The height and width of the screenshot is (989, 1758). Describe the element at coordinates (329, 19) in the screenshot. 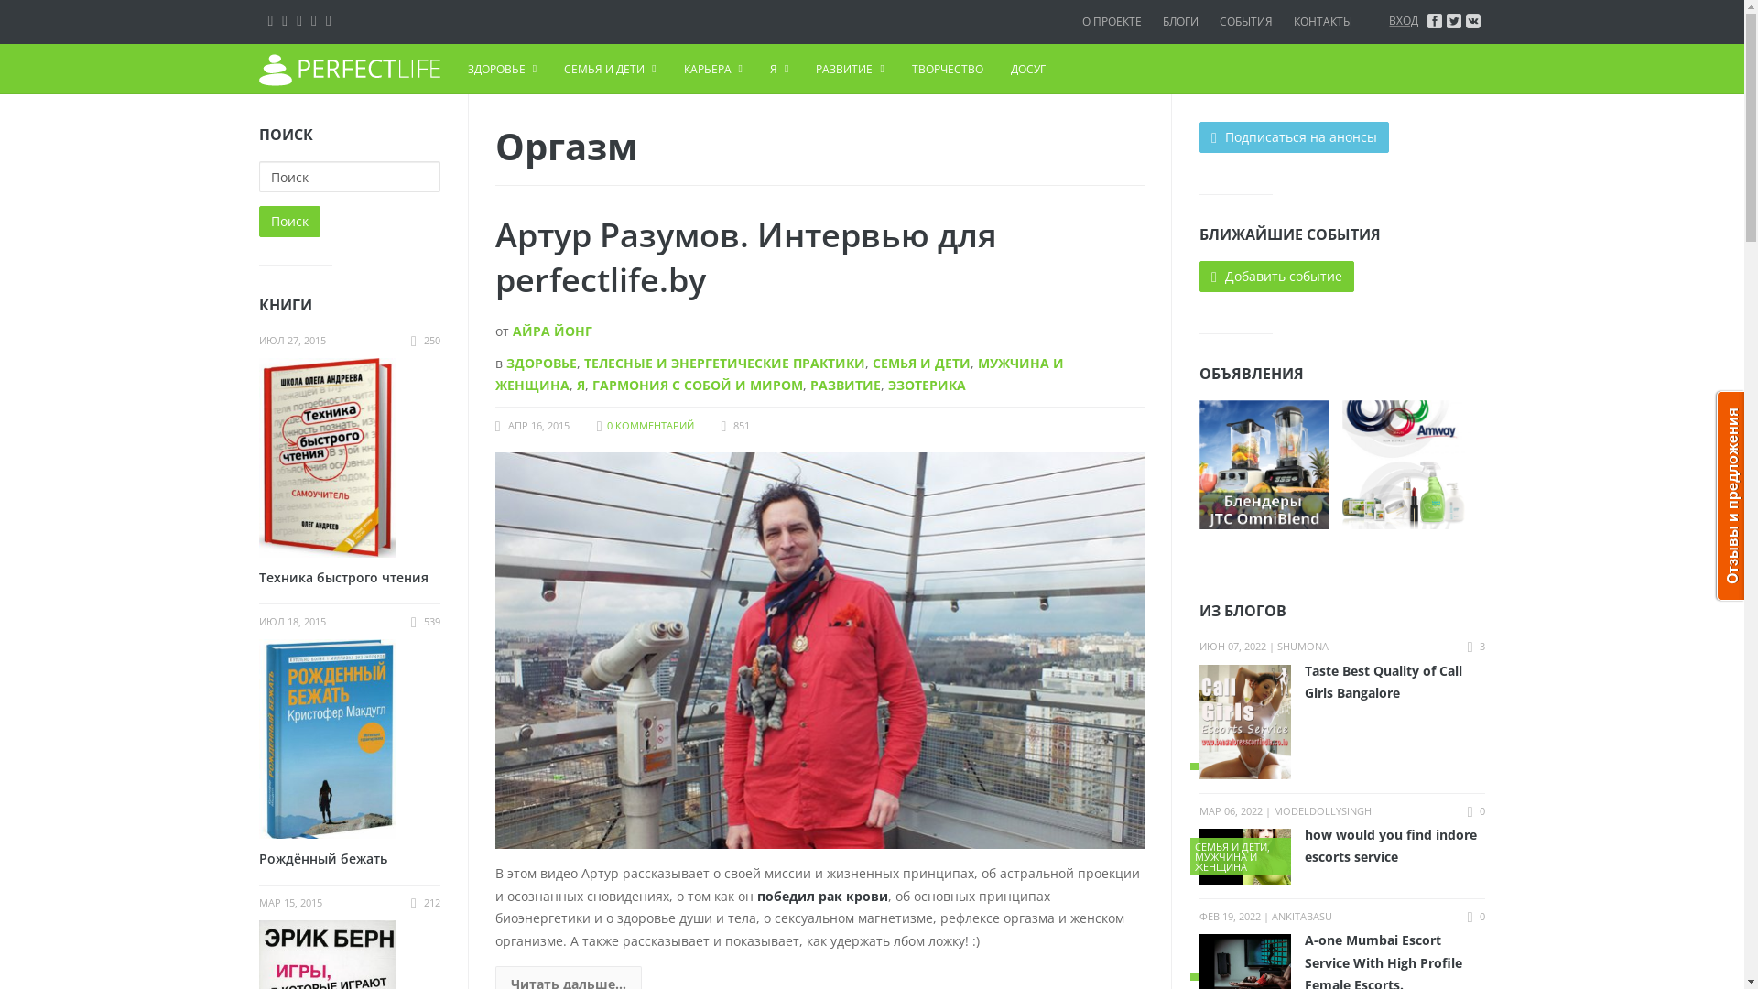

I see `'Youtube'` at that location.